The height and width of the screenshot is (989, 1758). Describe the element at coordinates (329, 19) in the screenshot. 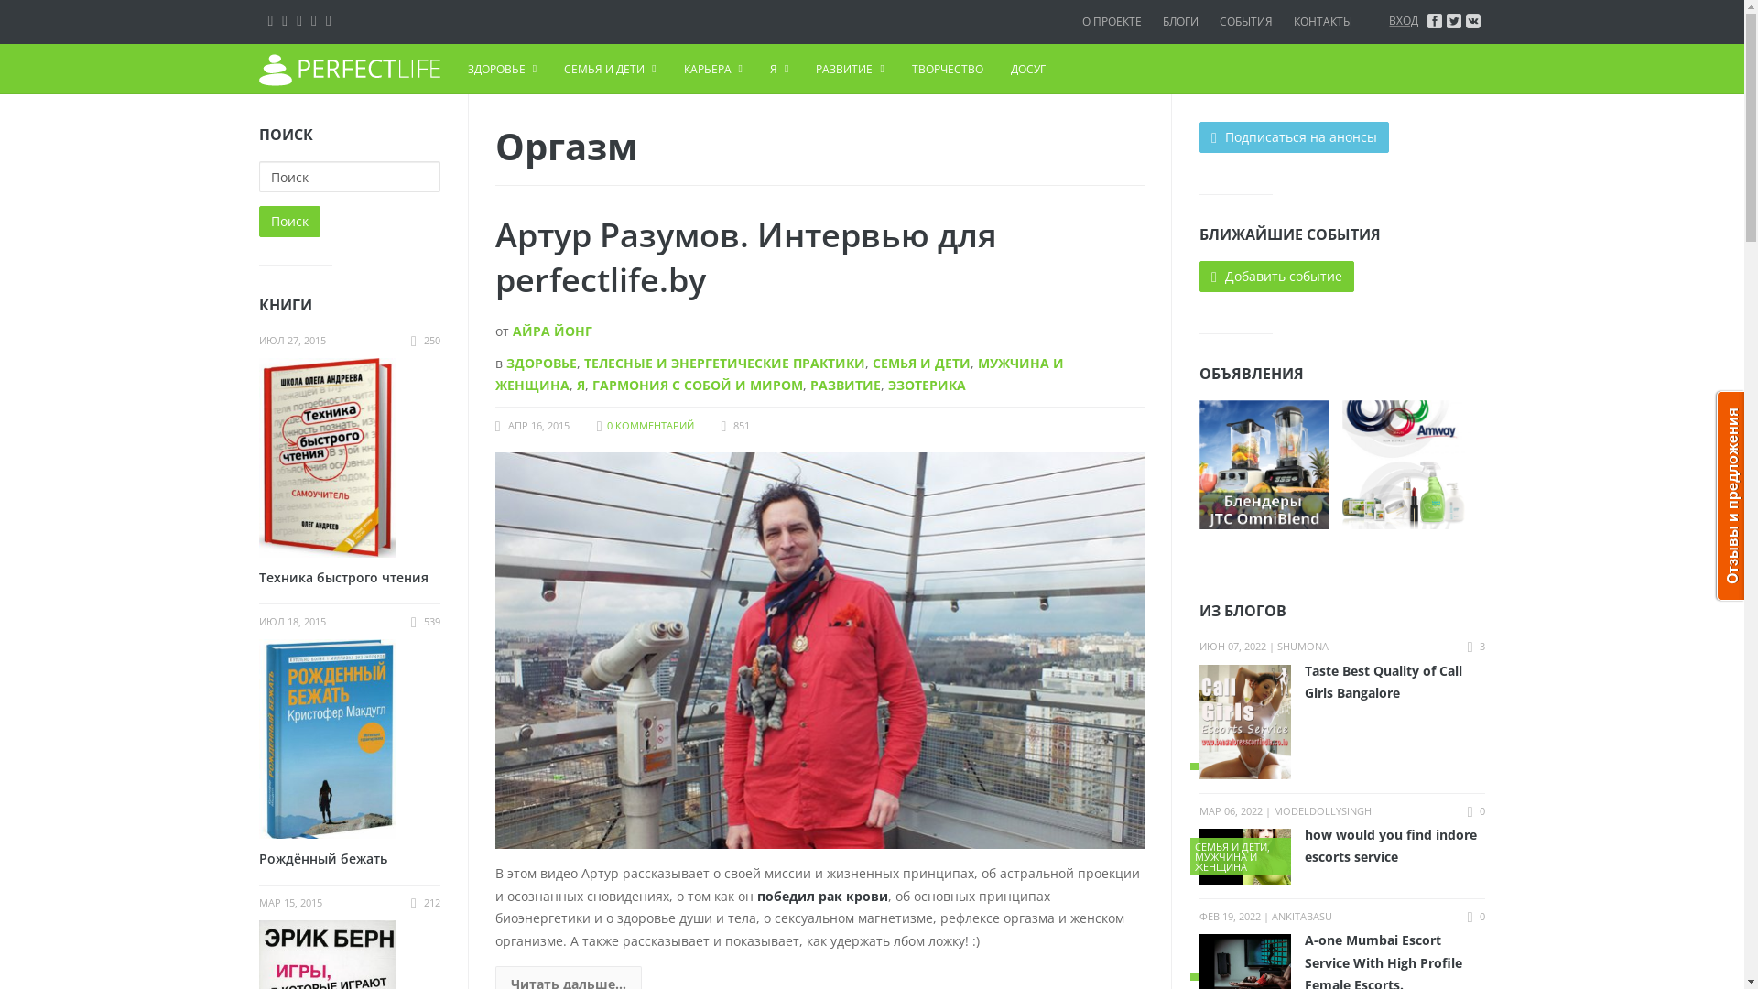

I see `'Youtube'` at that location.